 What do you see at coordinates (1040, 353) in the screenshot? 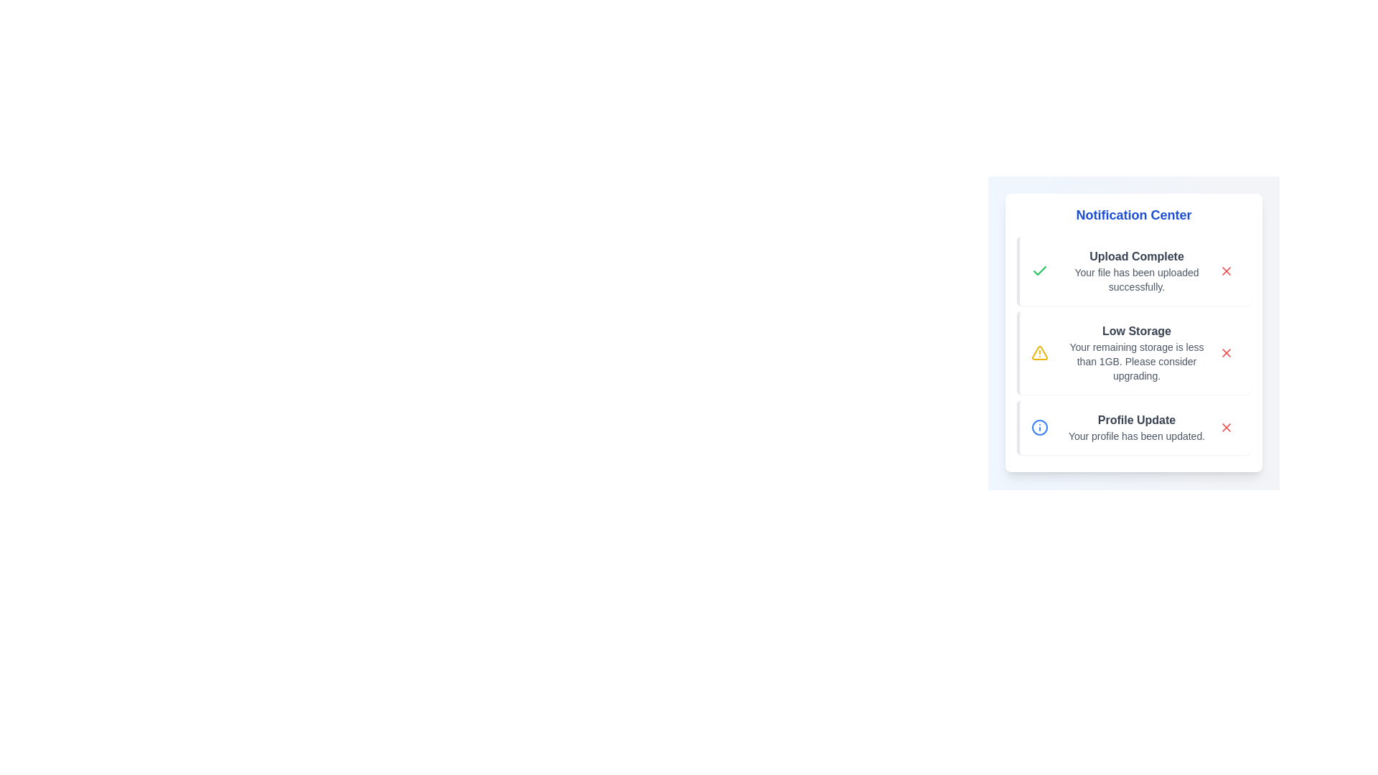
I see `the triangular caution icon with a yellow border and a red exclamation point, located at the upper-left corner of the 'Low Storage' notification block` at bounding box center [1040, 353].